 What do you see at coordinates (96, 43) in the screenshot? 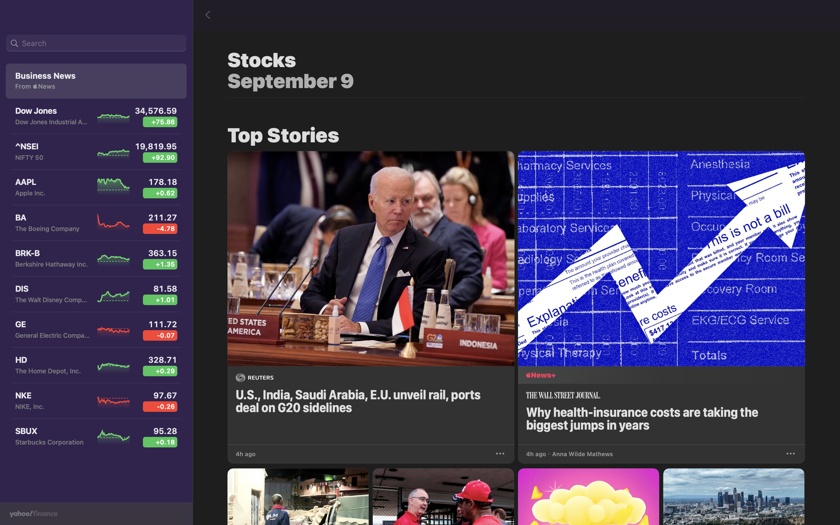
I see `Search for the "Starbucks Corporation" stock in the bar on top left` at bounding box center [96, 43].